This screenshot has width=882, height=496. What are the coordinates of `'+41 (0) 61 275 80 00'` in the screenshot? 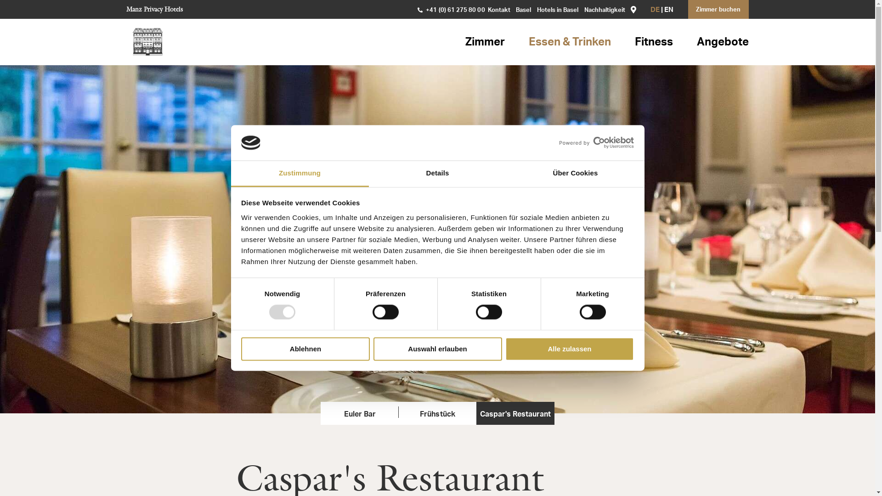 It's located at (451, 11).